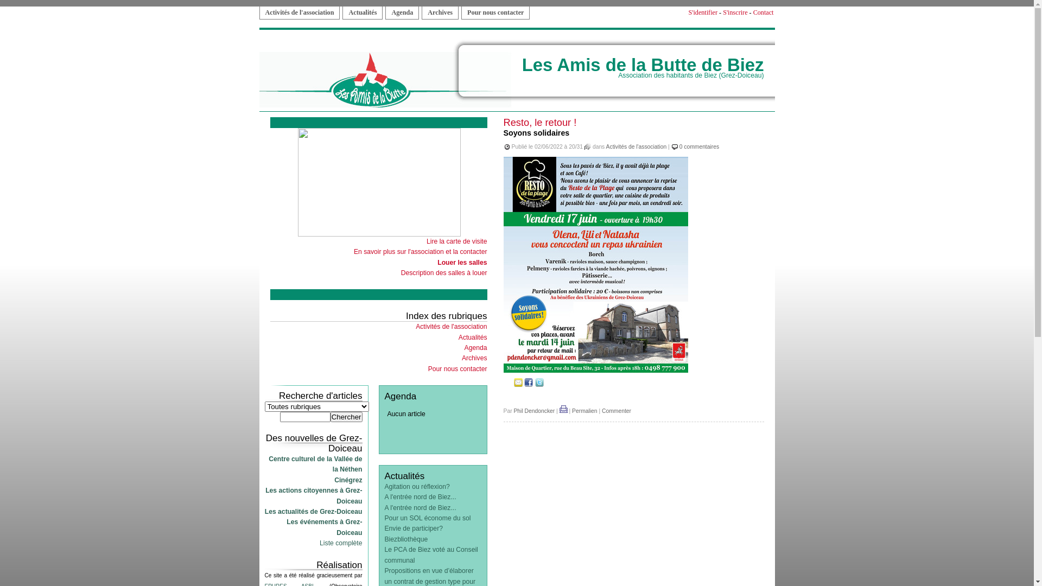  What do you see at coordinates (461, 358) in the screenshot?
I see `'Archives'` at bounding box center [461, 358].